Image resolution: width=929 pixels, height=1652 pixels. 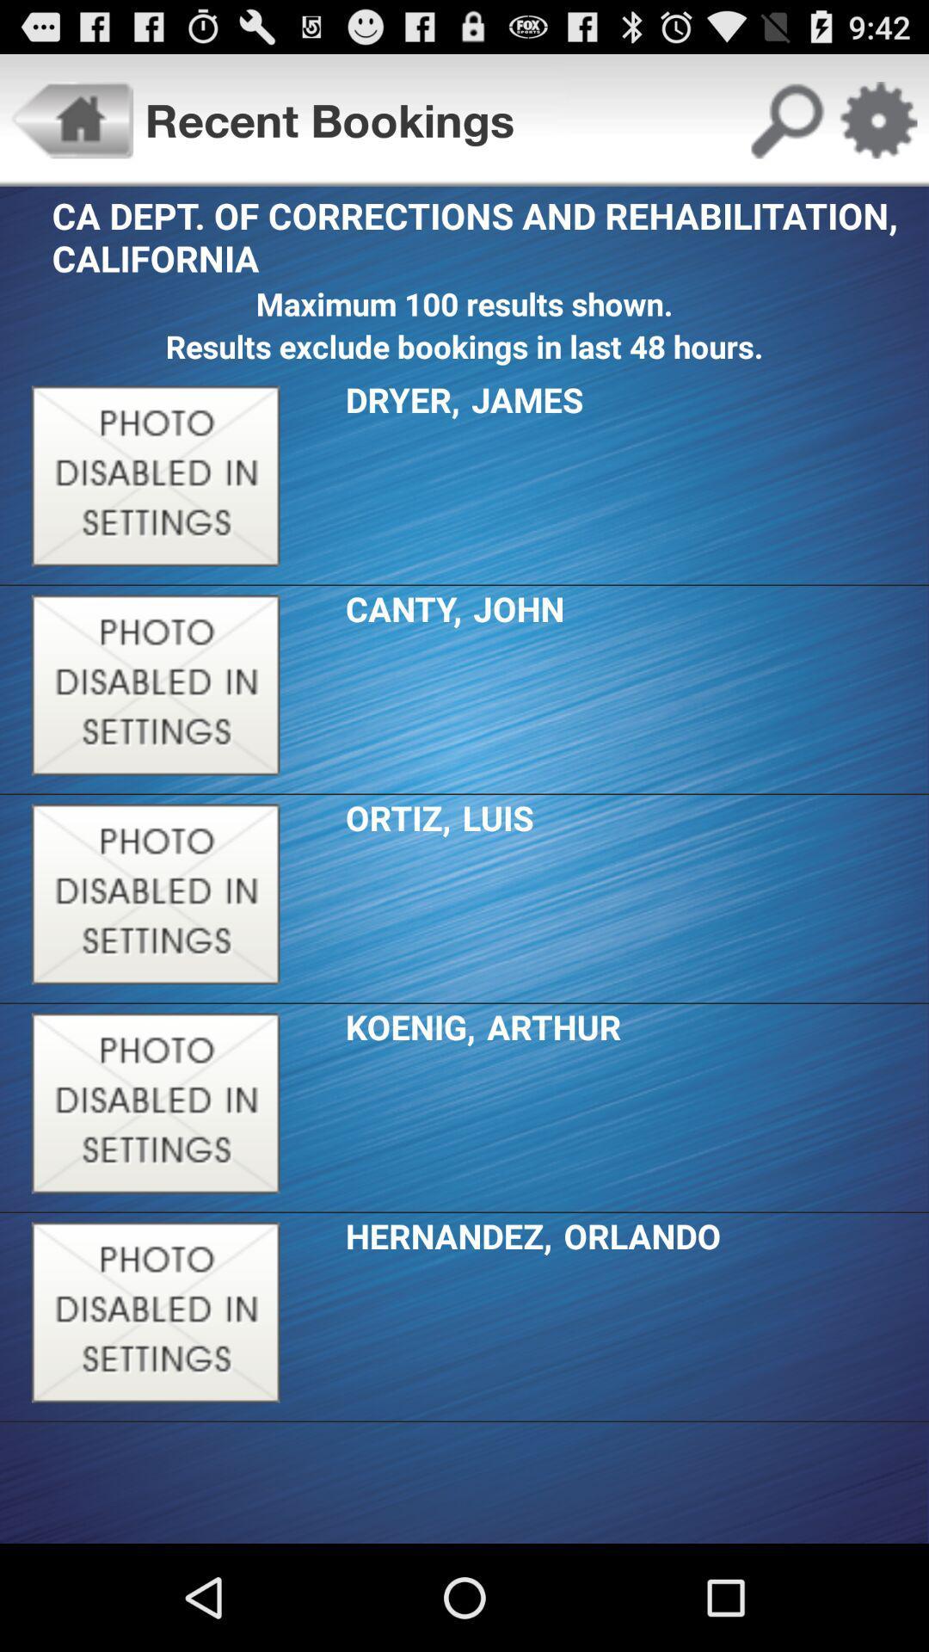 I want to click on the settings icon, so click(x=877, y=127).